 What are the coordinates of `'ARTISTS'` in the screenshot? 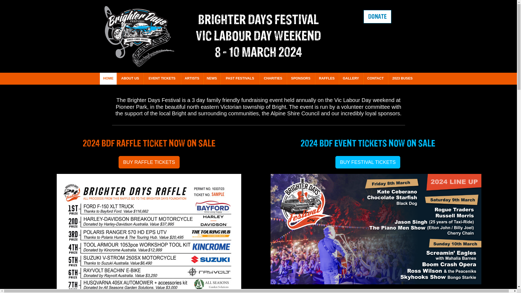 It's located at (192, 78).